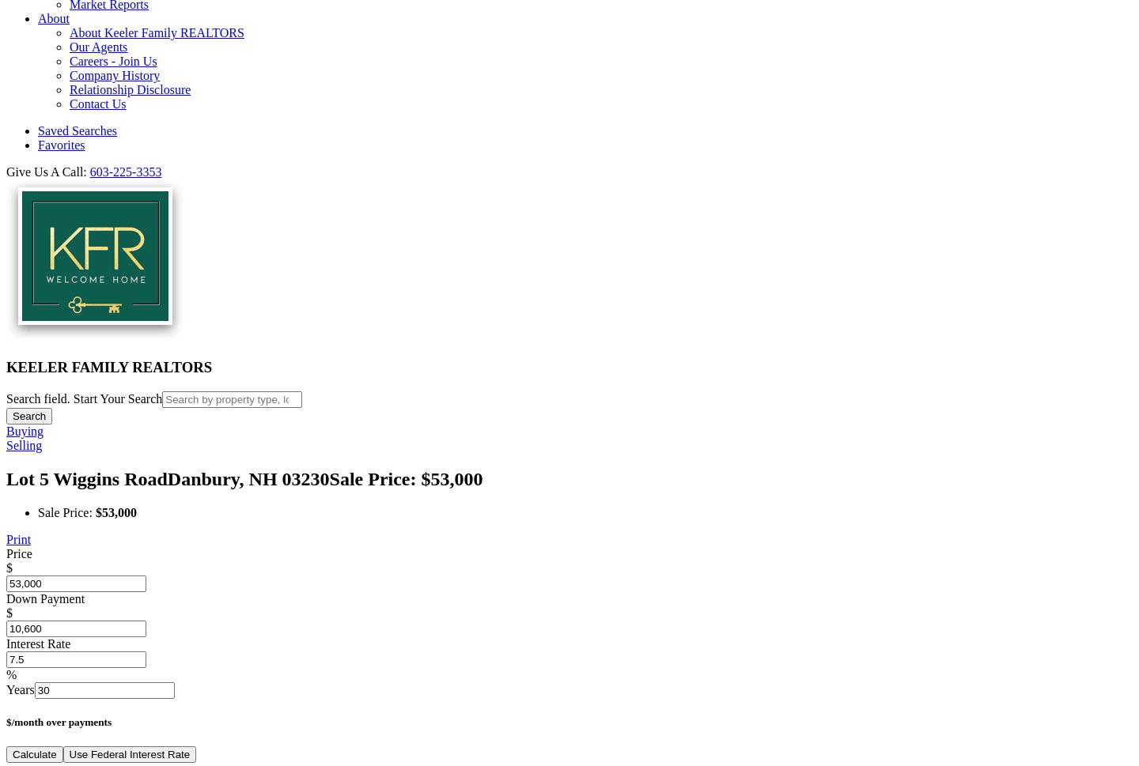 The image size is (1139, 766). Describe the element at coordinates (28, 414) in the screenshot. I see `'Search'` at that location.